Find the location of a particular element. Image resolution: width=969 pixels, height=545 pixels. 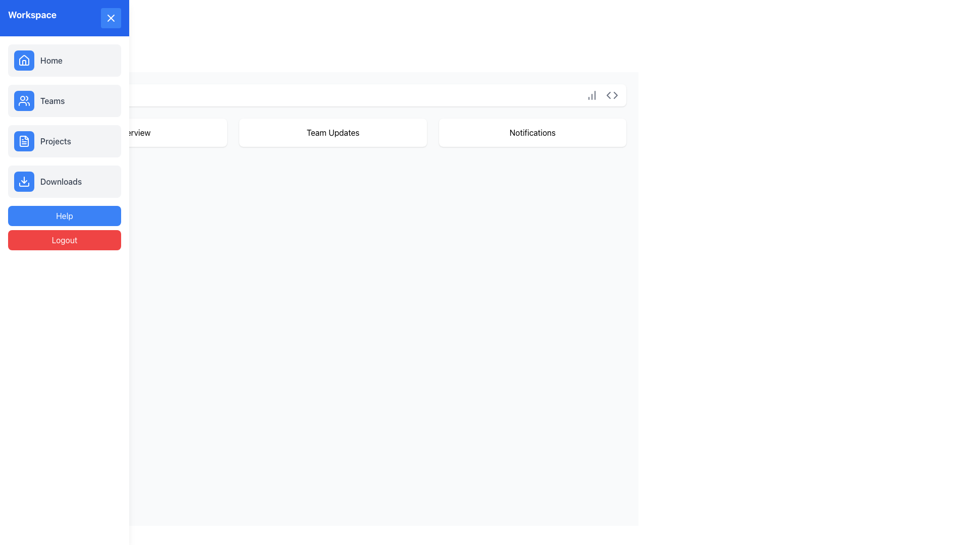

the right arrow icon located at the top-right corner of the interface, which is part of a pair of directional navigation icons is located at coordinates (615, 95).